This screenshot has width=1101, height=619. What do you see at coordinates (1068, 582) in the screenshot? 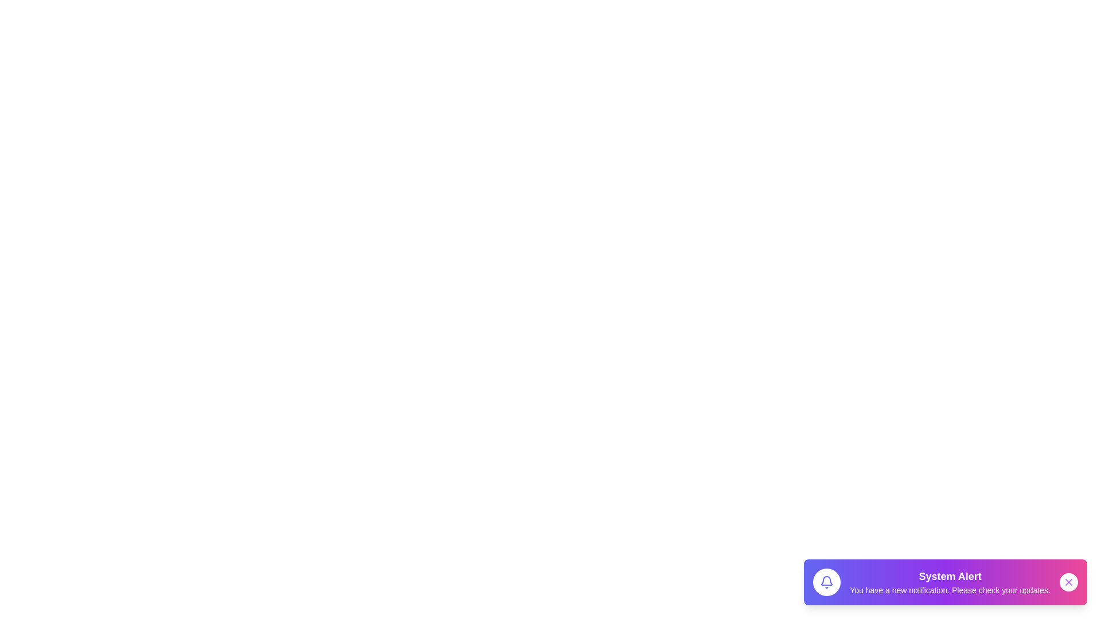
I see `close button to acknowledge and dismiss the notification` at bounding box center [1068, 582].